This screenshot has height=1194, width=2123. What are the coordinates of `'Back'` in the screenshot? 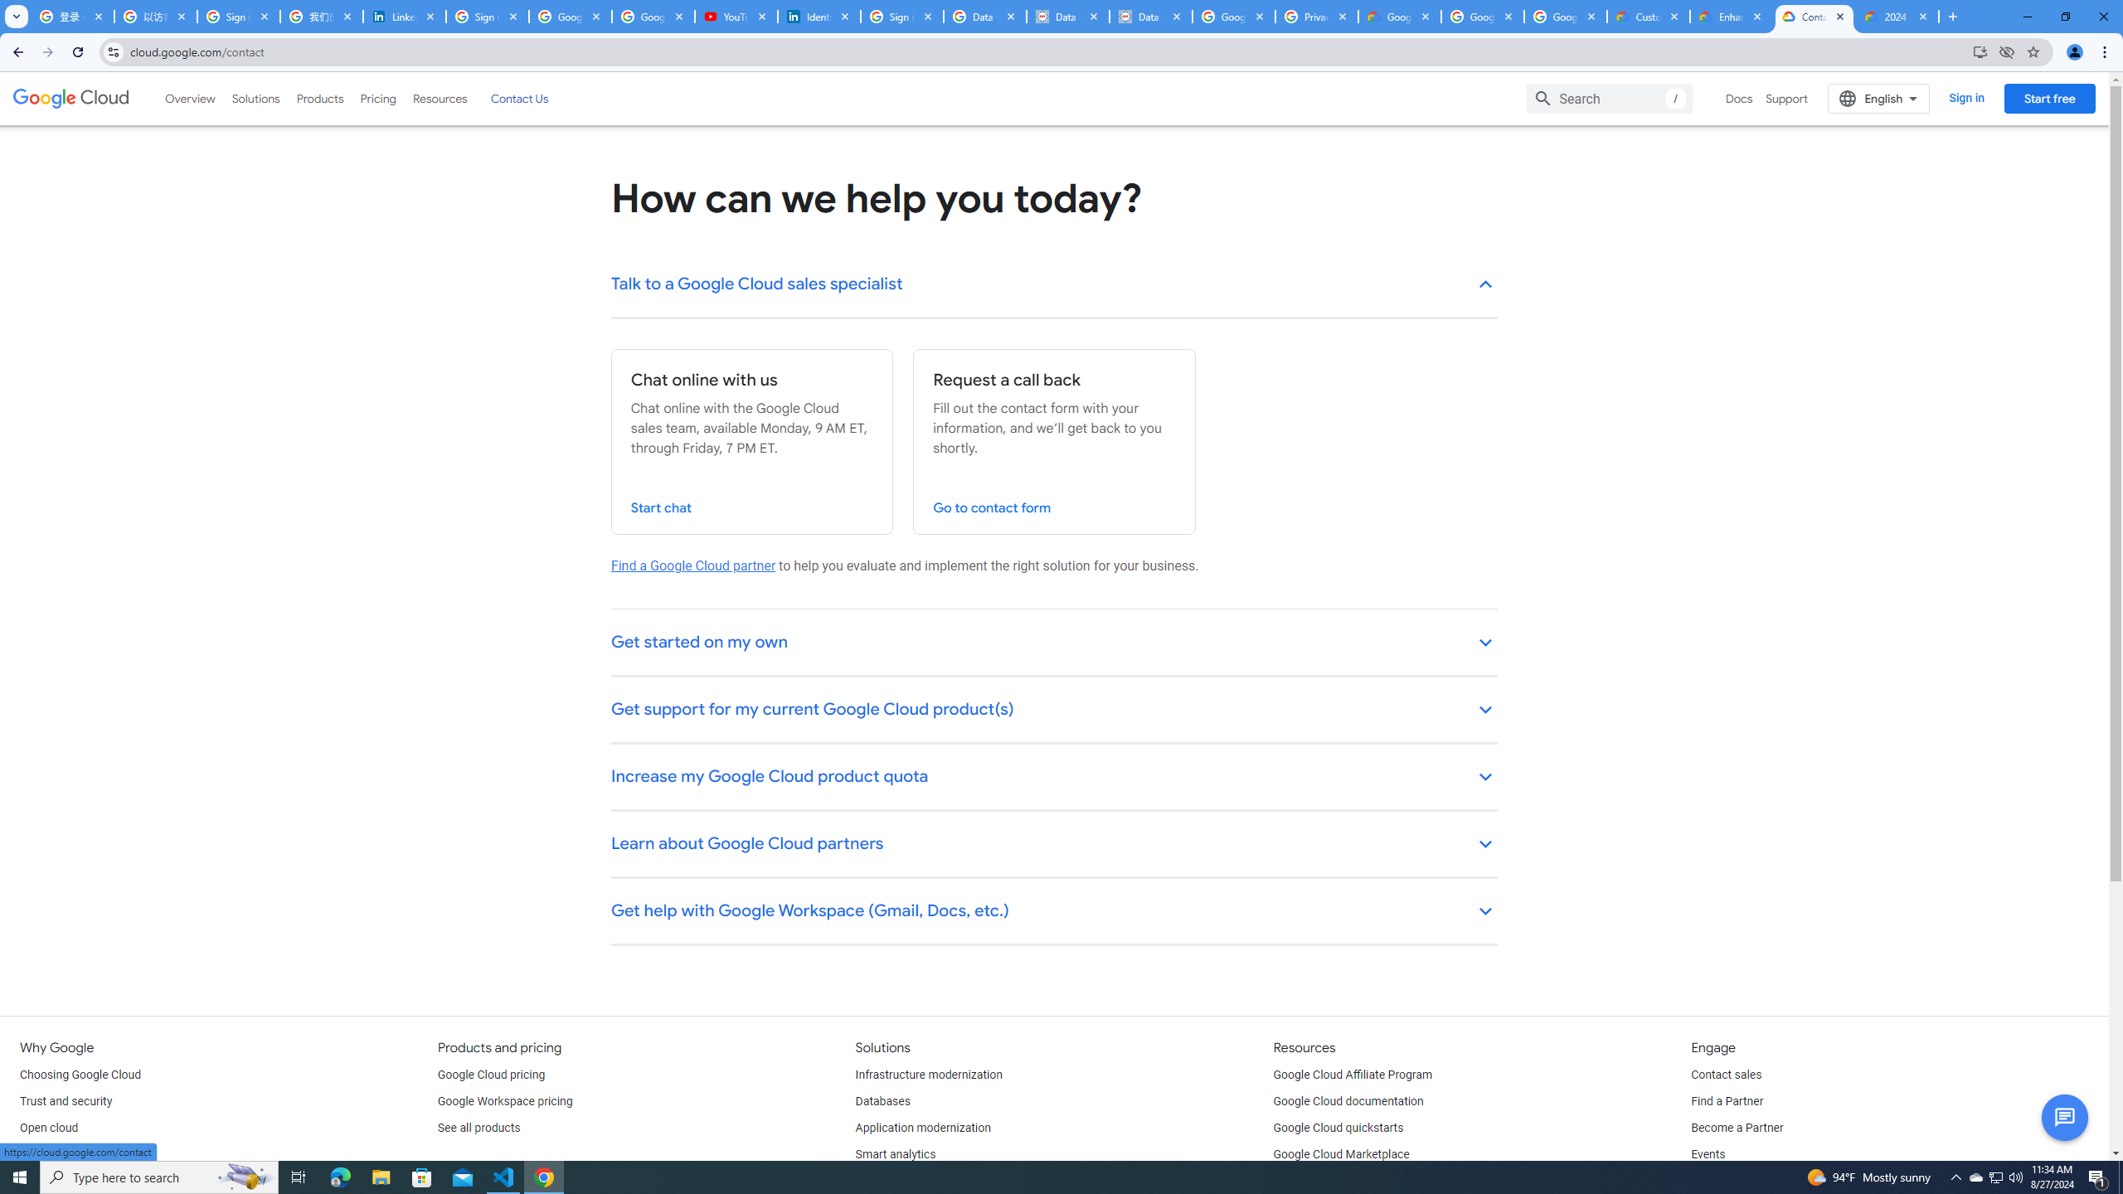 It's located at (16, 51).